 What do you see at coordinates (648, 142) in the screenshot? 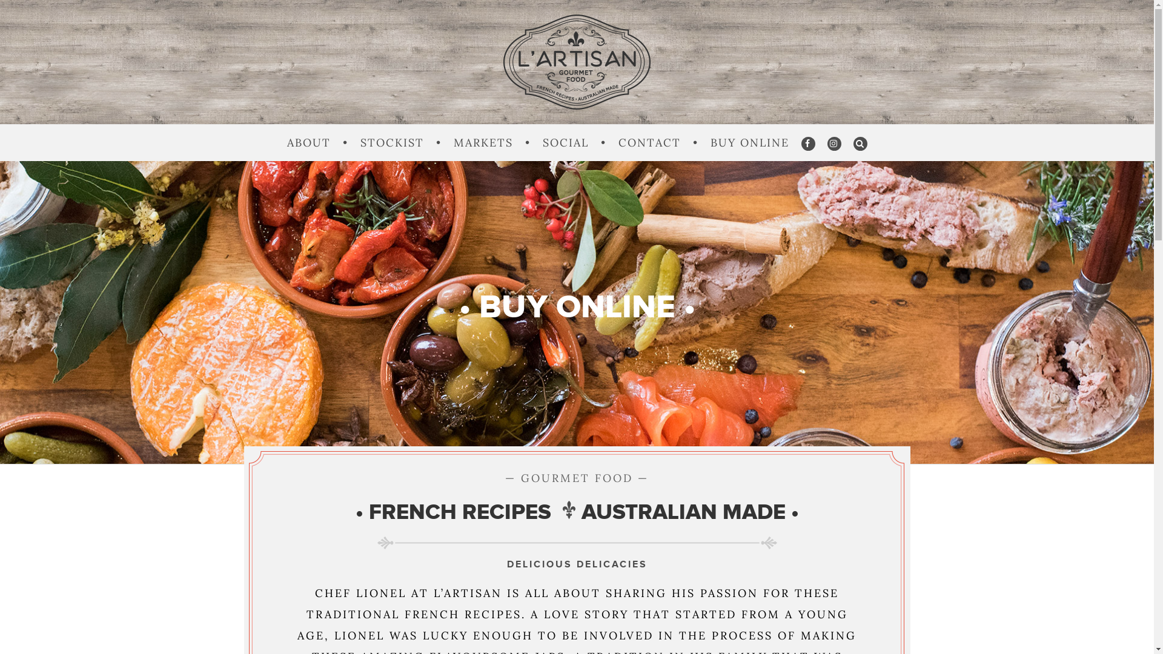
I see `'CONTACT'` at bounding box center [648, 142].